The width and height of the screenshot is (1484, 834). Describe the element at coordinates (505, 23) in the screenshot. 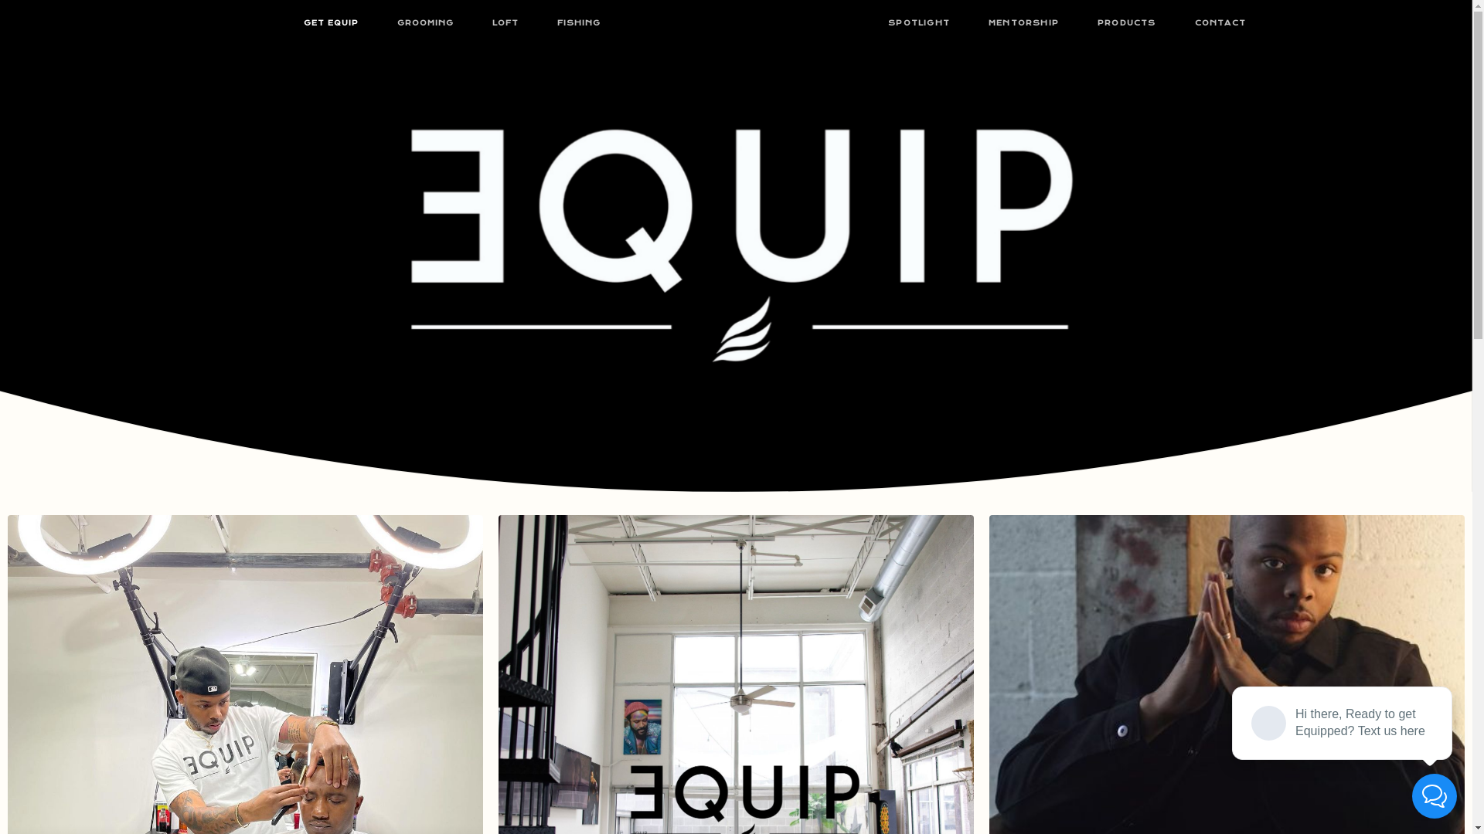

I see `'LOFT'` at that location.